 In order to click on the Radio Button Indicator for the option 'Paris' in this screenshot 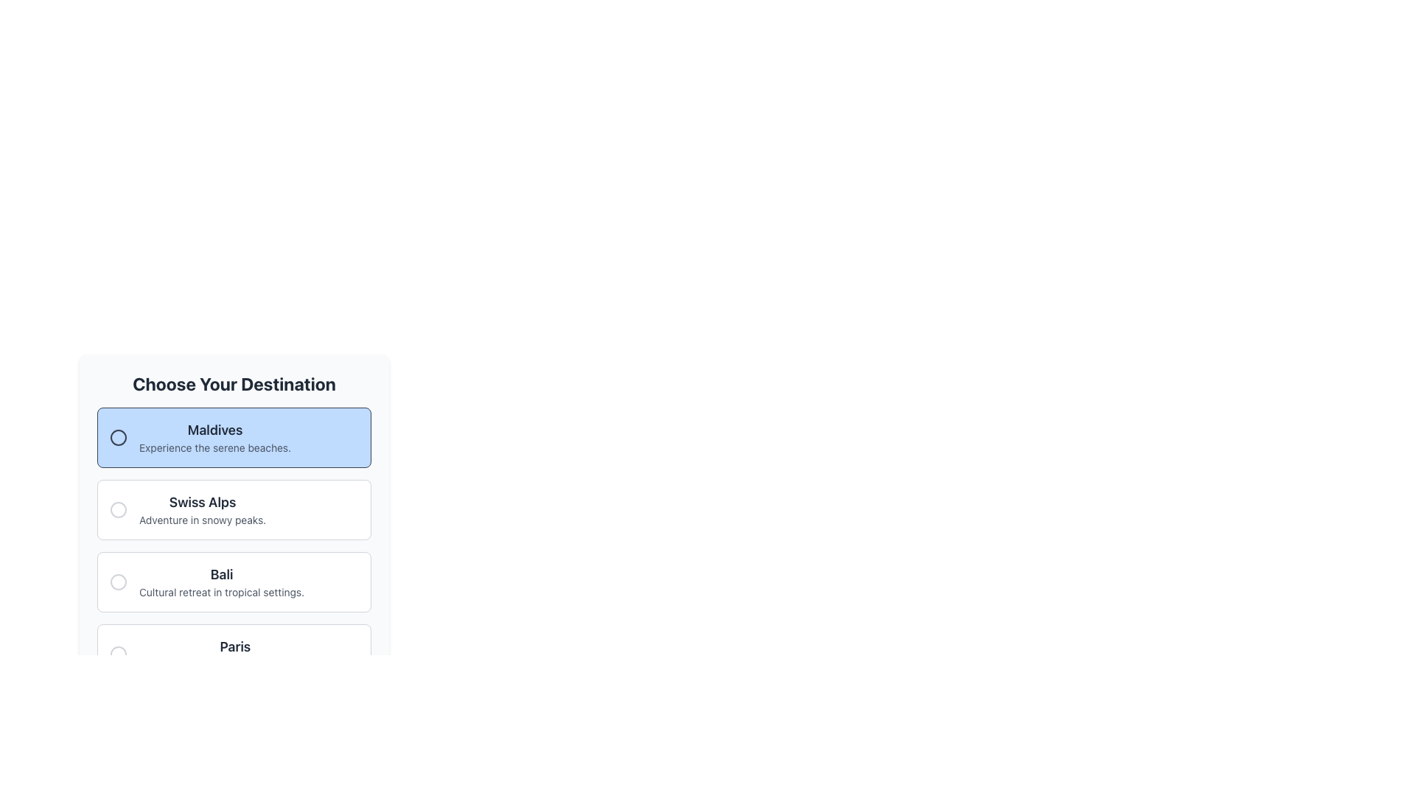, I will do `click(119, 653)`.